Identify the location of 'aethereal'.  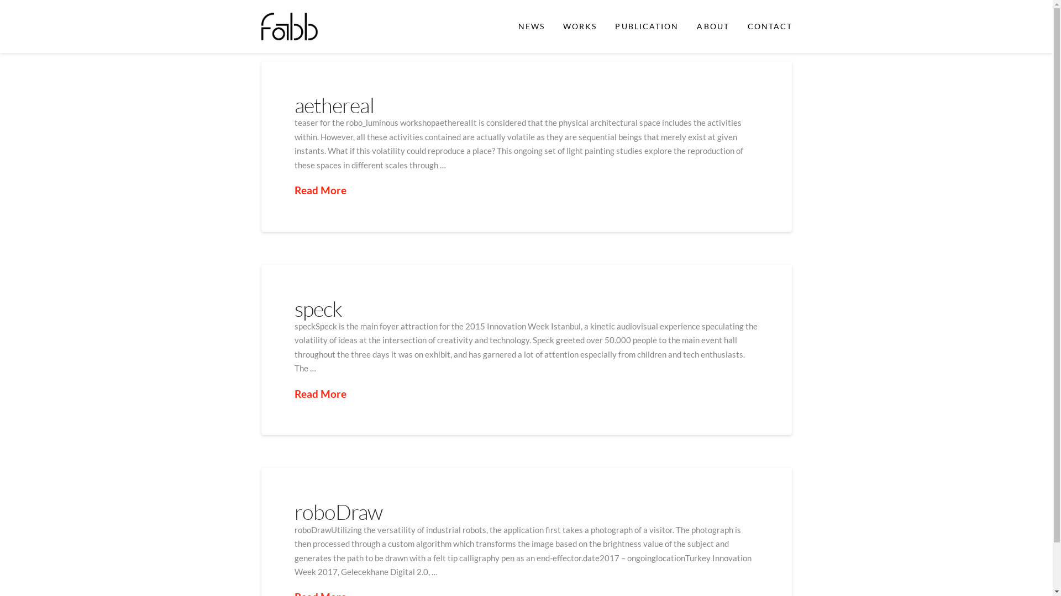
(294, 105).